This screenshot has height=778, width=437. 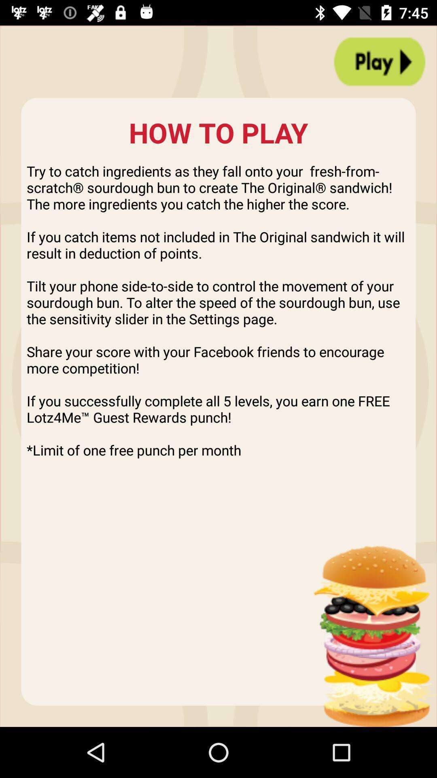 What do you see at coordinates (380, 61) in the screenshot?
I see `play` at bounding box center [380, 61].